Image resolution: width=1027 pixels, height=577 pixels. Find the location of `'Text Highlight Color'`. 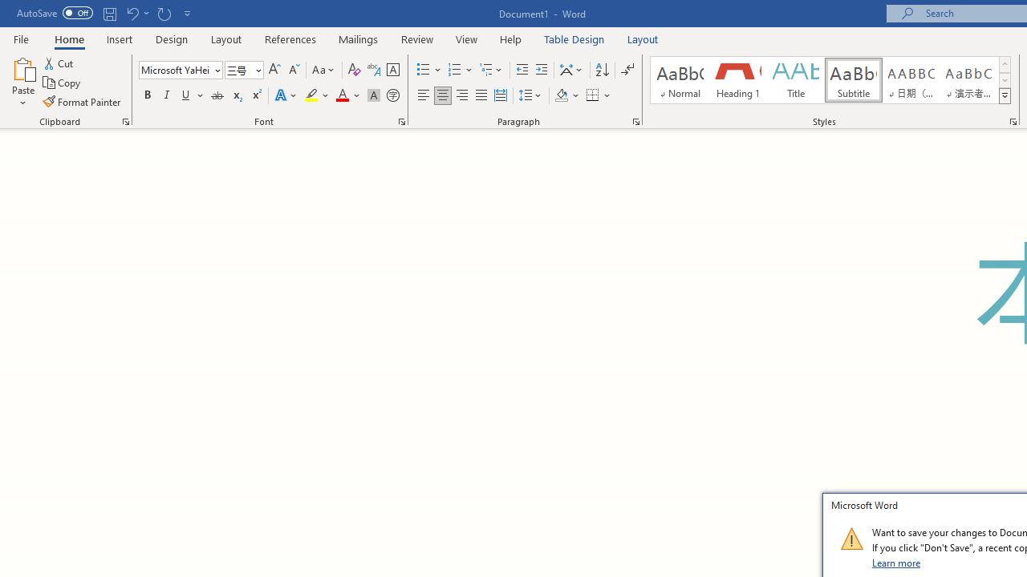

'Text Highlight Color' is located at coordinates (317, 95).